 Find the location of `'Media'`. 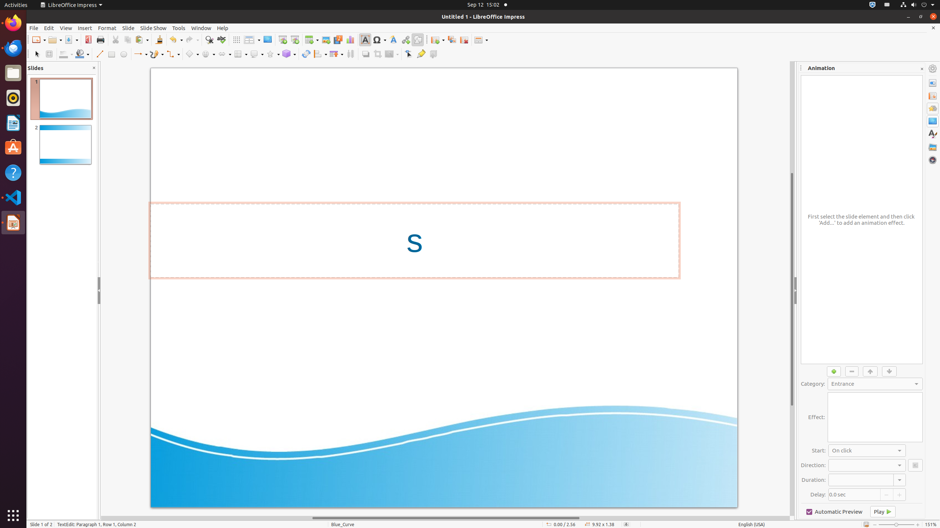

'Media' is located at coordinates (338, 39).